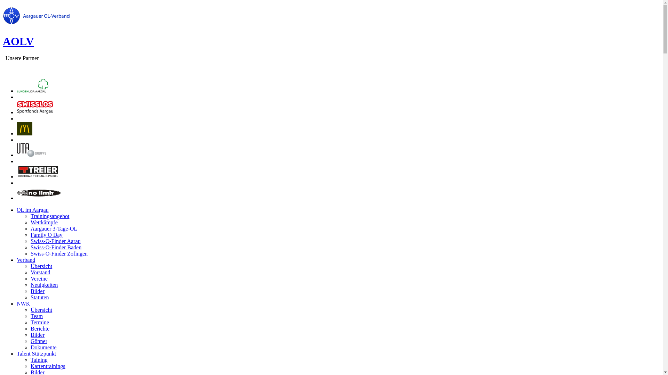 The width and height of the screenshot is (668, 375). Describe the element at coordinates (43, 285) in the screenshot. I see `'Neuigkeiten'` at that location.